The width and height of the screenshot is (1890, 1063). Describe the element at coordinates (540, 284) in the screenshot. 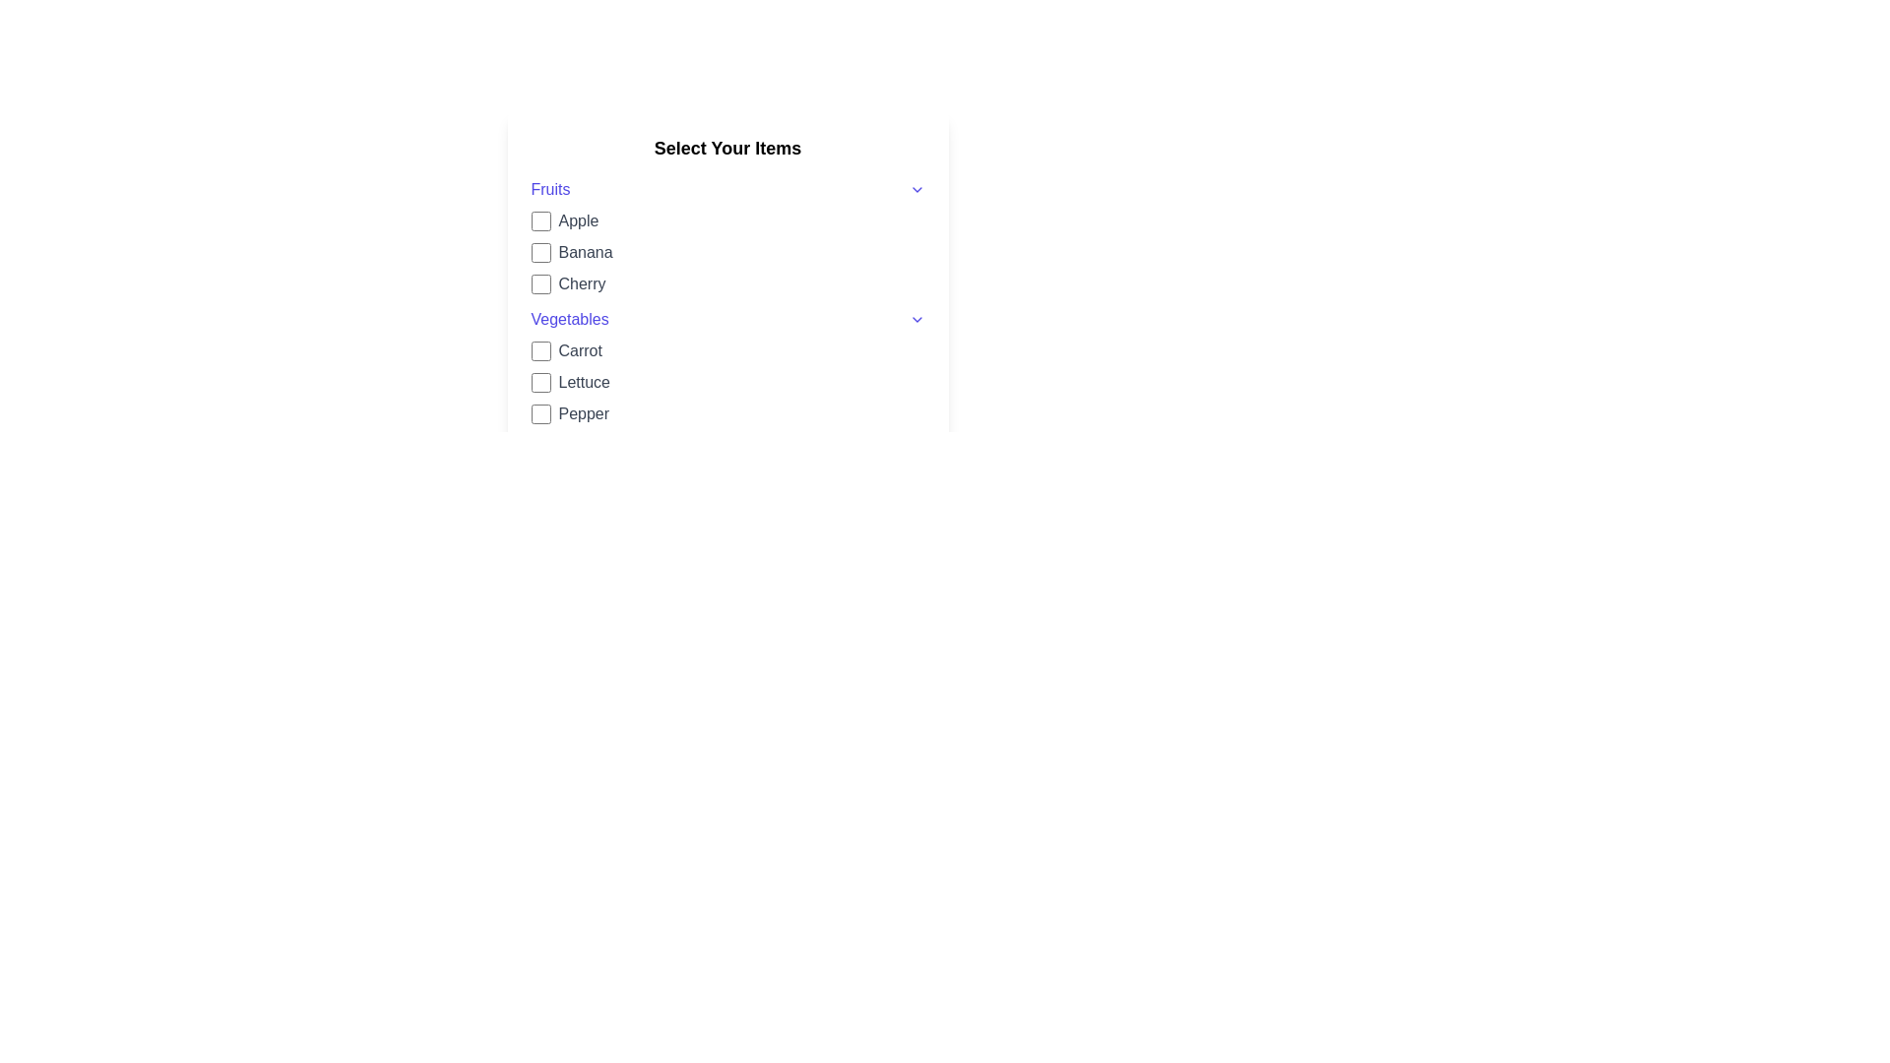

I see `the checkbox for the option labeled 'Cherry'` at that location.